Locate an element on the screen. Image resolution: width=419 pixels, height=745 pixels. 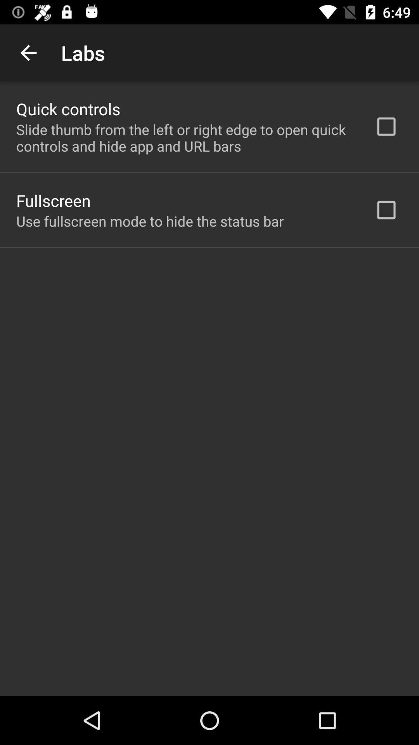
item next to labs app is located at coordinates (28, 52).